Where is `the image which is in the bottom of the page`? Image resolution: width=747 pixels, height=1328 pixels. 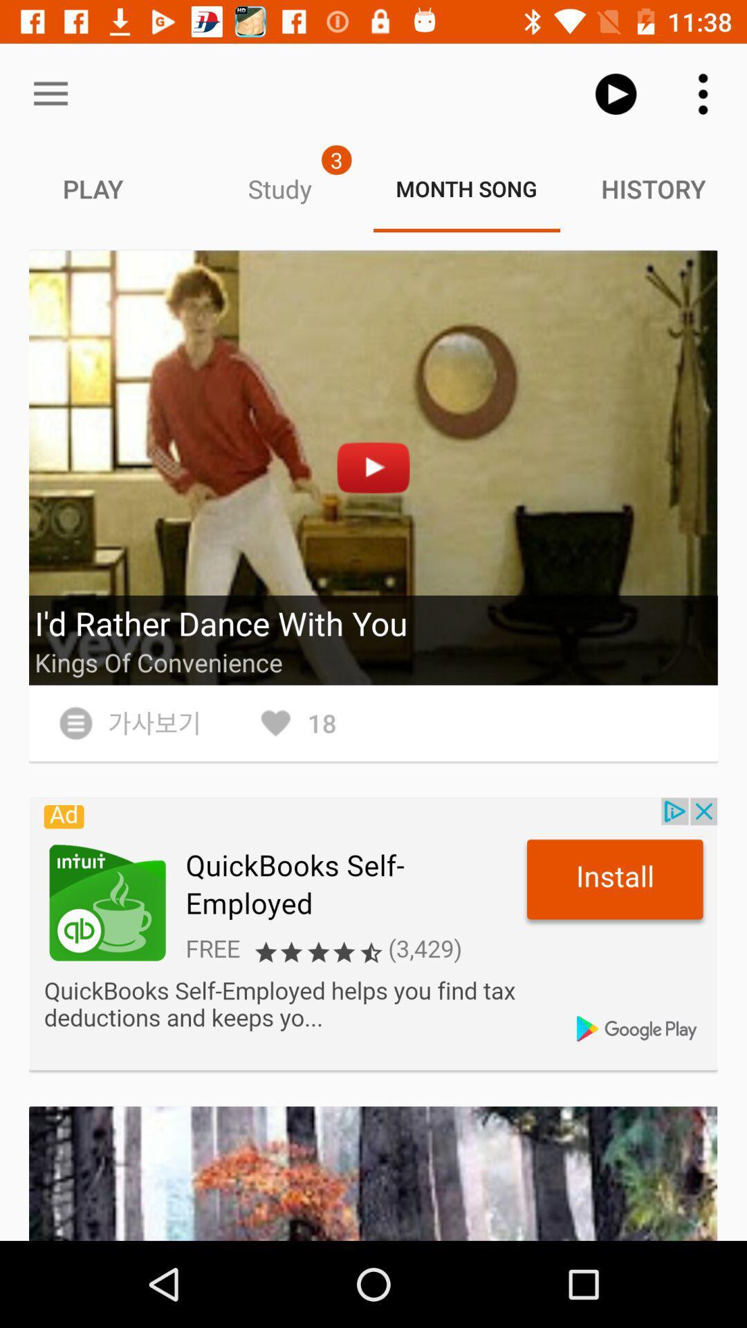
the image which is in the bottom of the page is located at coordinates (373, 1173).